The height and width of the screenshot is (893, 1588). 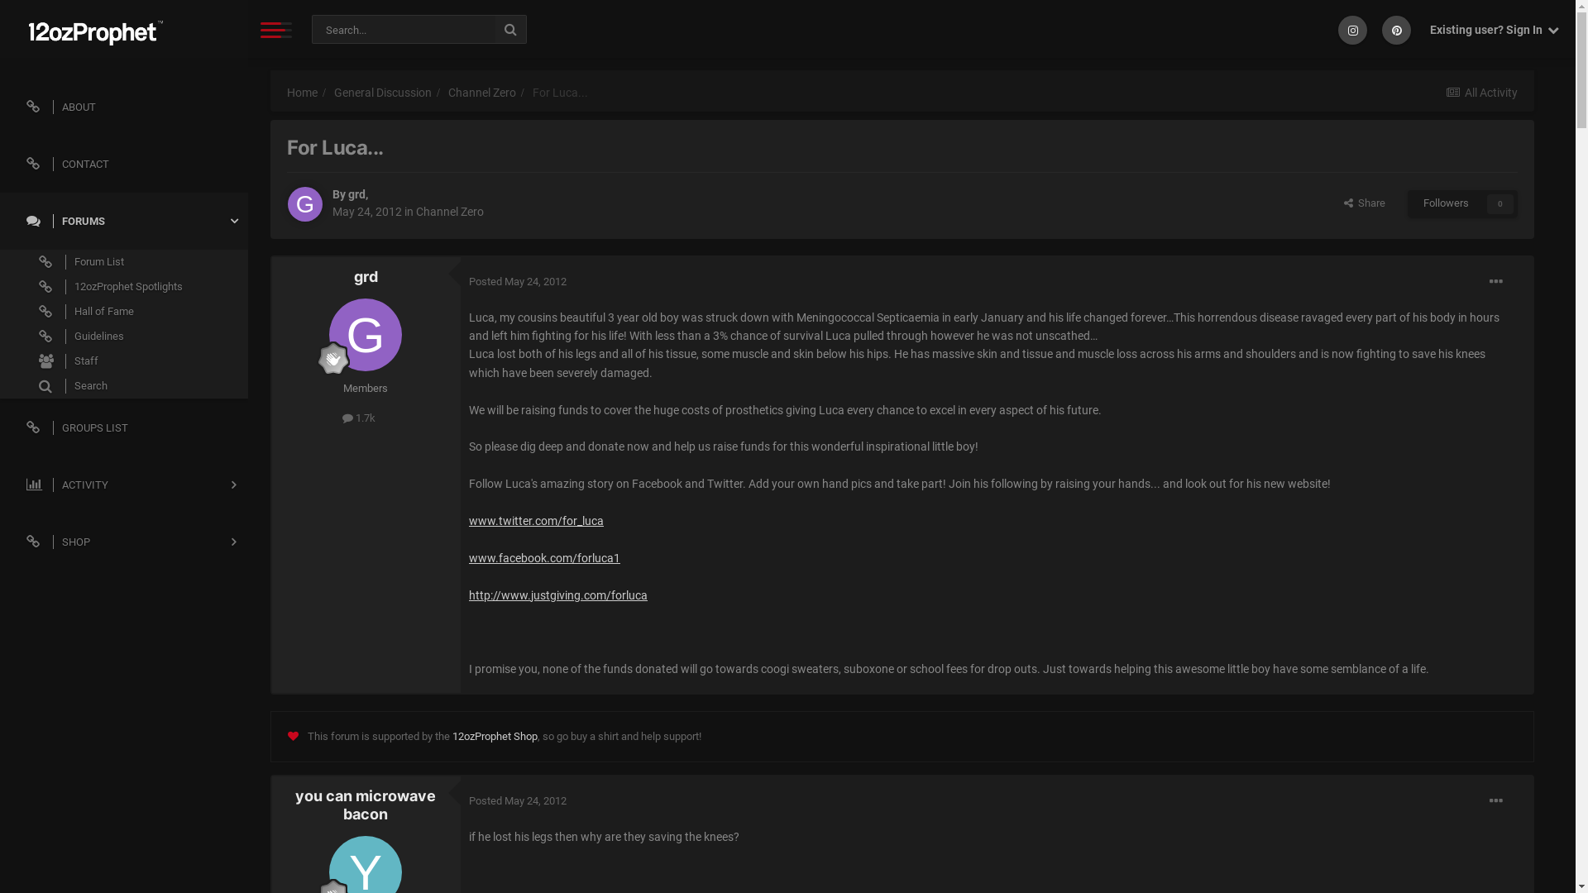 I want to click on 'http://www.justgiving.com/forluca', so click(x=558, y=595).